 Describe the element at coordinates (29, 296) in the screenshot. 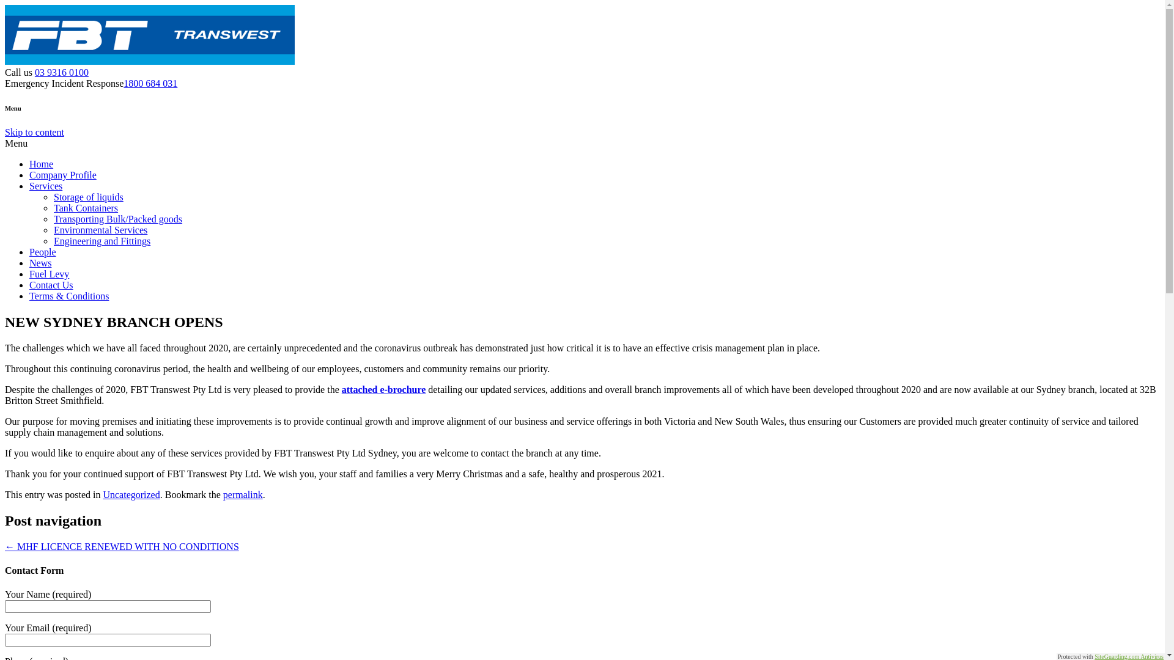

I see `'Terms & Conditions'` at that location.